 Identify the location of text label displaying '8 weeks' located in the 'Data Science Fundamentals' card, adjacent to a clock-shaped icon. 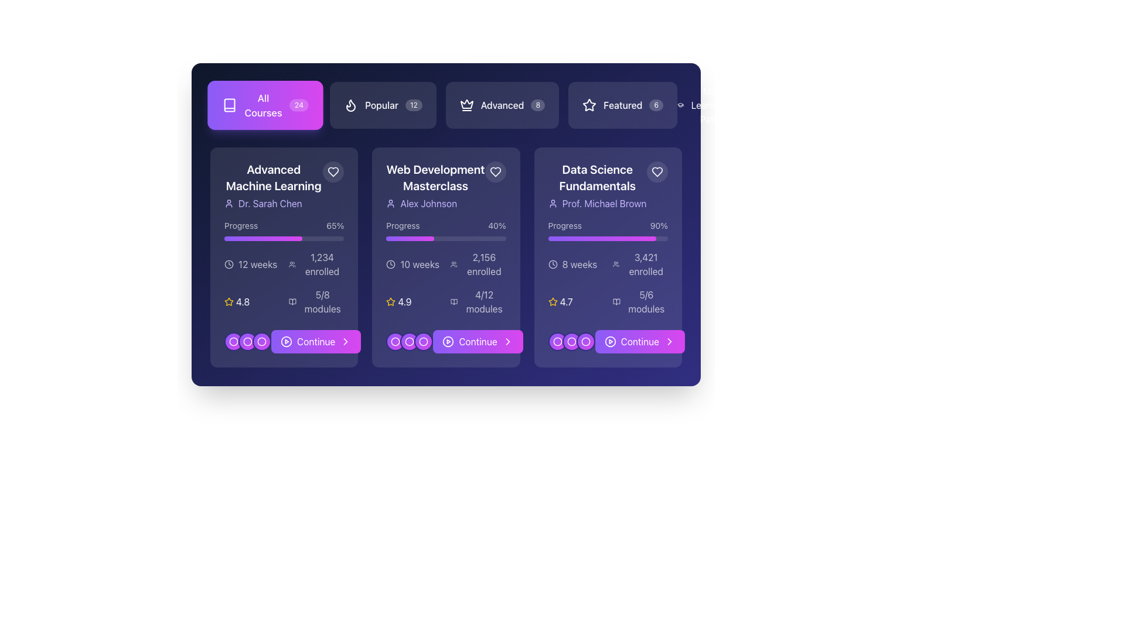
(579, 264).